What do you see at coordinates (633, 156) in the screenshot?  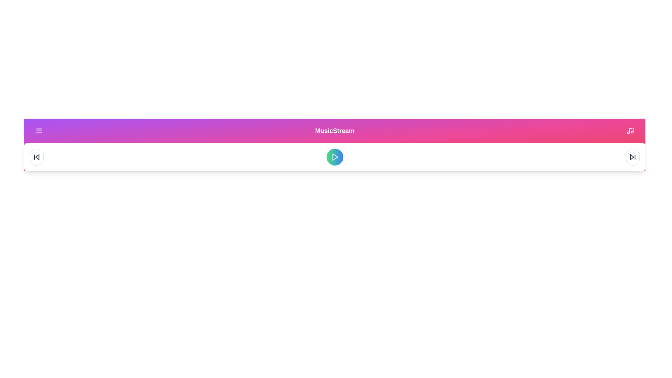 I see `the right arrow button to navigate to the next track` at bounding box center [633, 156].